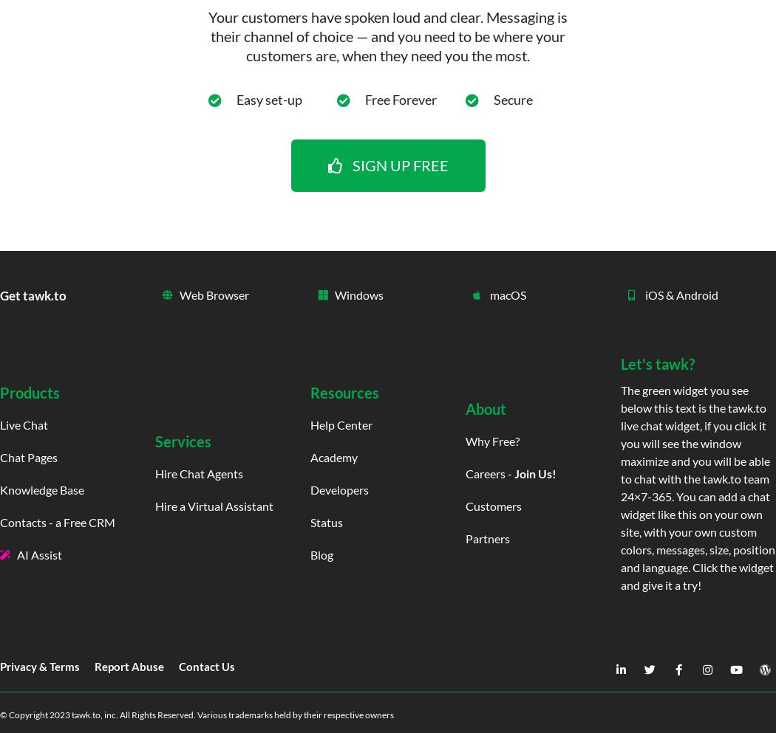 This screenshot has width=776, height=733. I want to click on 'Knowledge Base', so click(41, 489).